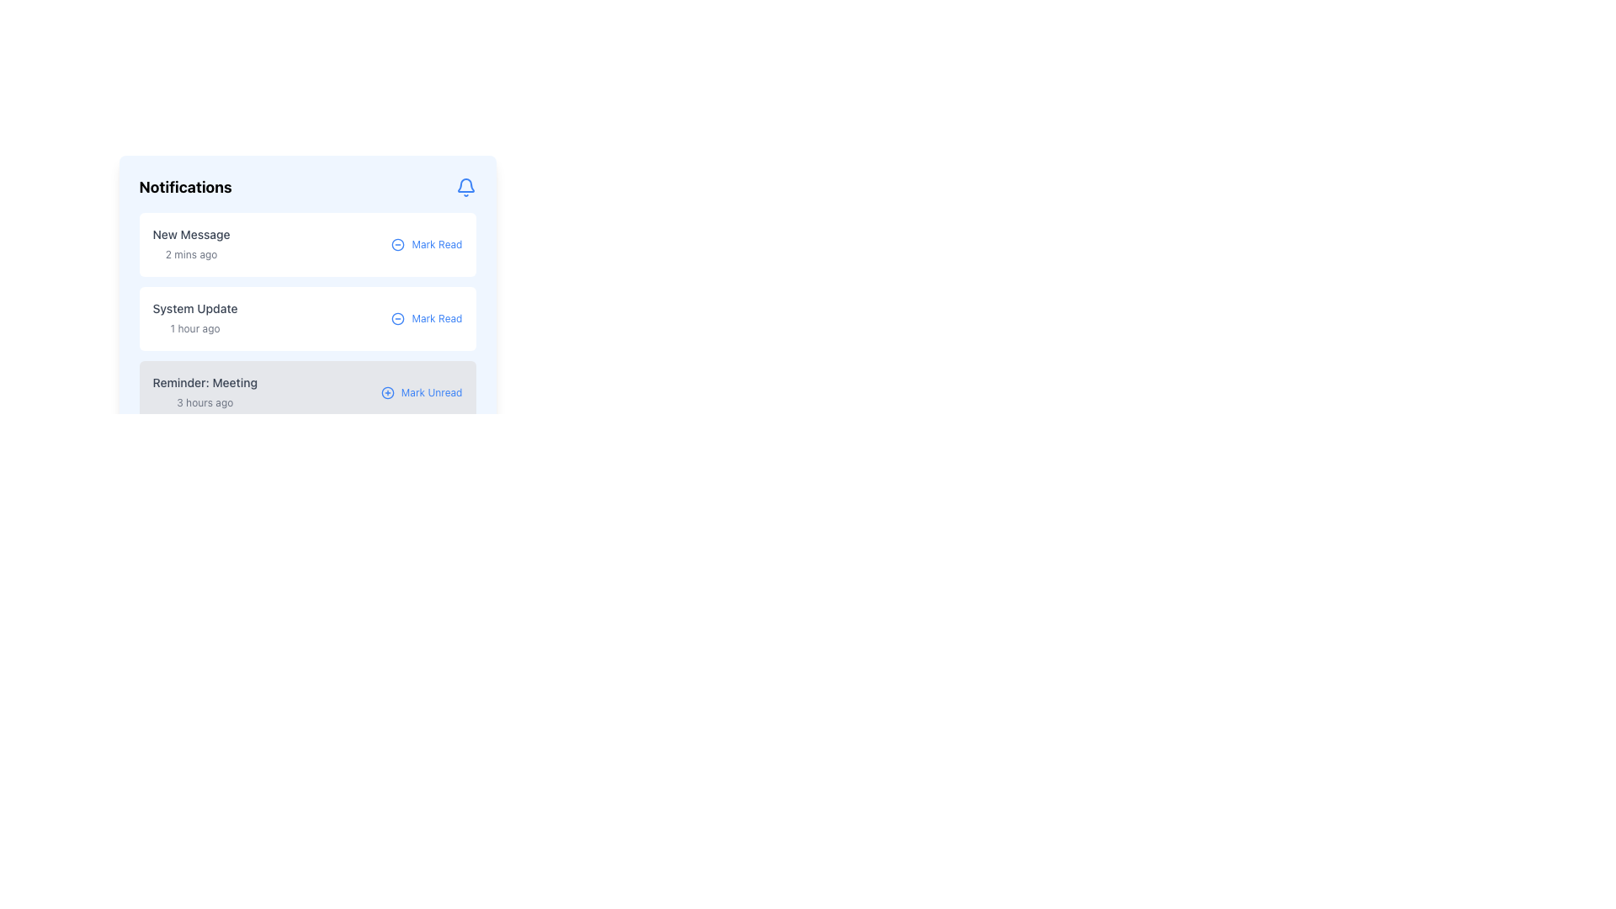 Image resolution: width=1616 pixels, height=909 pixels. Describe the element at coordinates (397, 318) in the screenshot. I see `the visual representation of the Circular SVG element located in the middle of the 'System Update' notification, which is part of an interactive status icon consisting of a circle and a minus sign` at that location.